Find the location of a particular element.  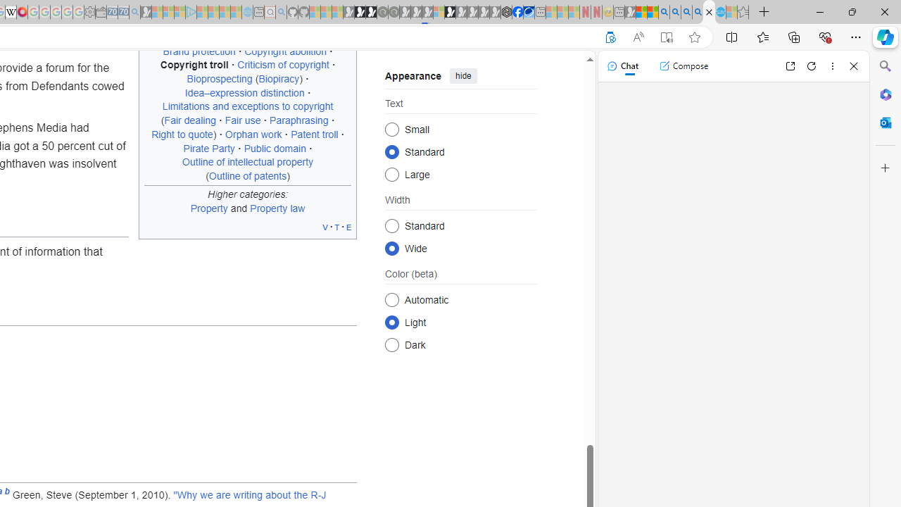

'Restore' is located at coordinates (851, 11).